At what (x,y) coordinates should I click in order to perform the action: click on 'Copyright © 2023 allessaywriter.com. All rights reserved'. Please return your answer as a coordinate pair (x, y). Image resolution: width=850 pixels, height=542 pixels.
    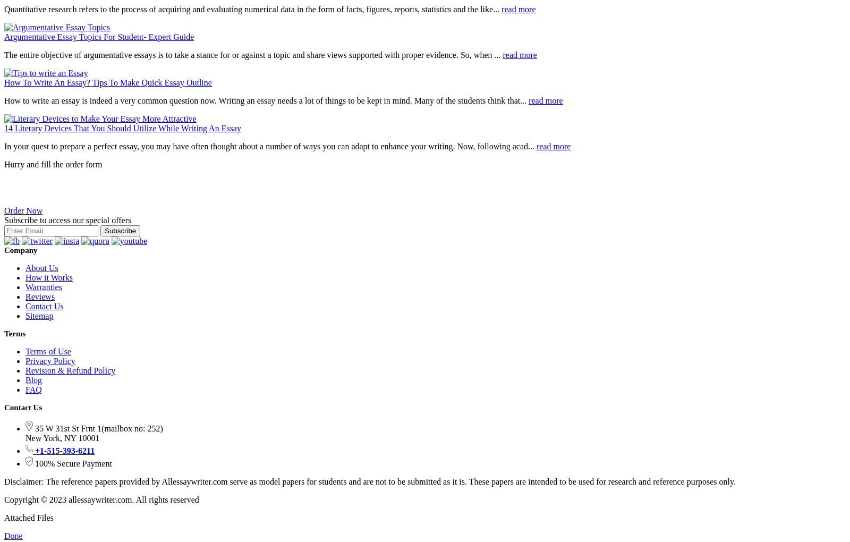
    Looking at the image, I should click on (101, 499).